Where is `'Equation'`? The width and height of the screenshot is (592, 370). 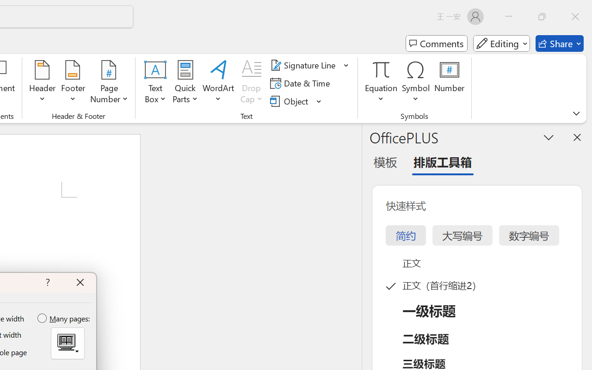 'Equation' is located at coordinates (381, 83).